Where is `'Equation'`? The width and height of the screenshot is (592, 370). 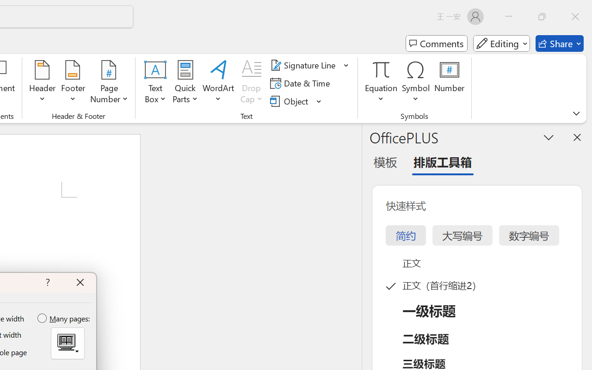 'Equation' is located at coordinates (381, 83).